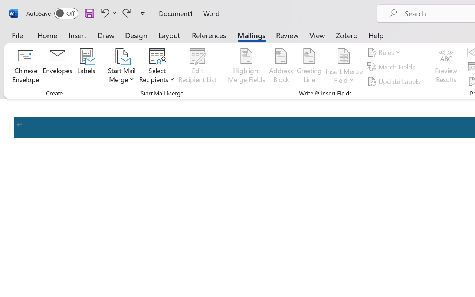 The image size is (475, 297). Describe the element at coordinates (446, 66) in the screenshot. I see `'Preview Results'` at that location.